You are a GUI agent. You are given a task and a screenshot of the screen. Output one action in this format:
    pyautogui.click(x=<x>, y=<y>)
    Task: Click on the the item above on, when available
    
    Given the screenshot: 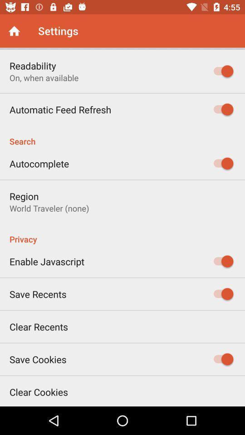 What is the action you would take?
    pyautogui.click(x=32, y=65)
    